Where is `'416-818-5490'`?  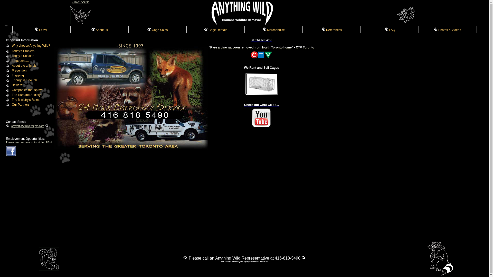
'416-818-5490' is located at coordinates (80, 2).